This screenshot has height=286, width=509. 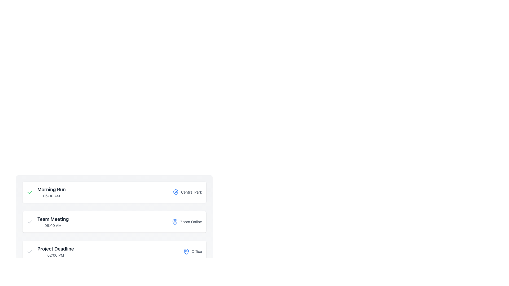 What do you see at coordinates (114, 192) in the screenshot?
I see `the event panel labeled 'Morning Run'` at bounding box center [114, 192].